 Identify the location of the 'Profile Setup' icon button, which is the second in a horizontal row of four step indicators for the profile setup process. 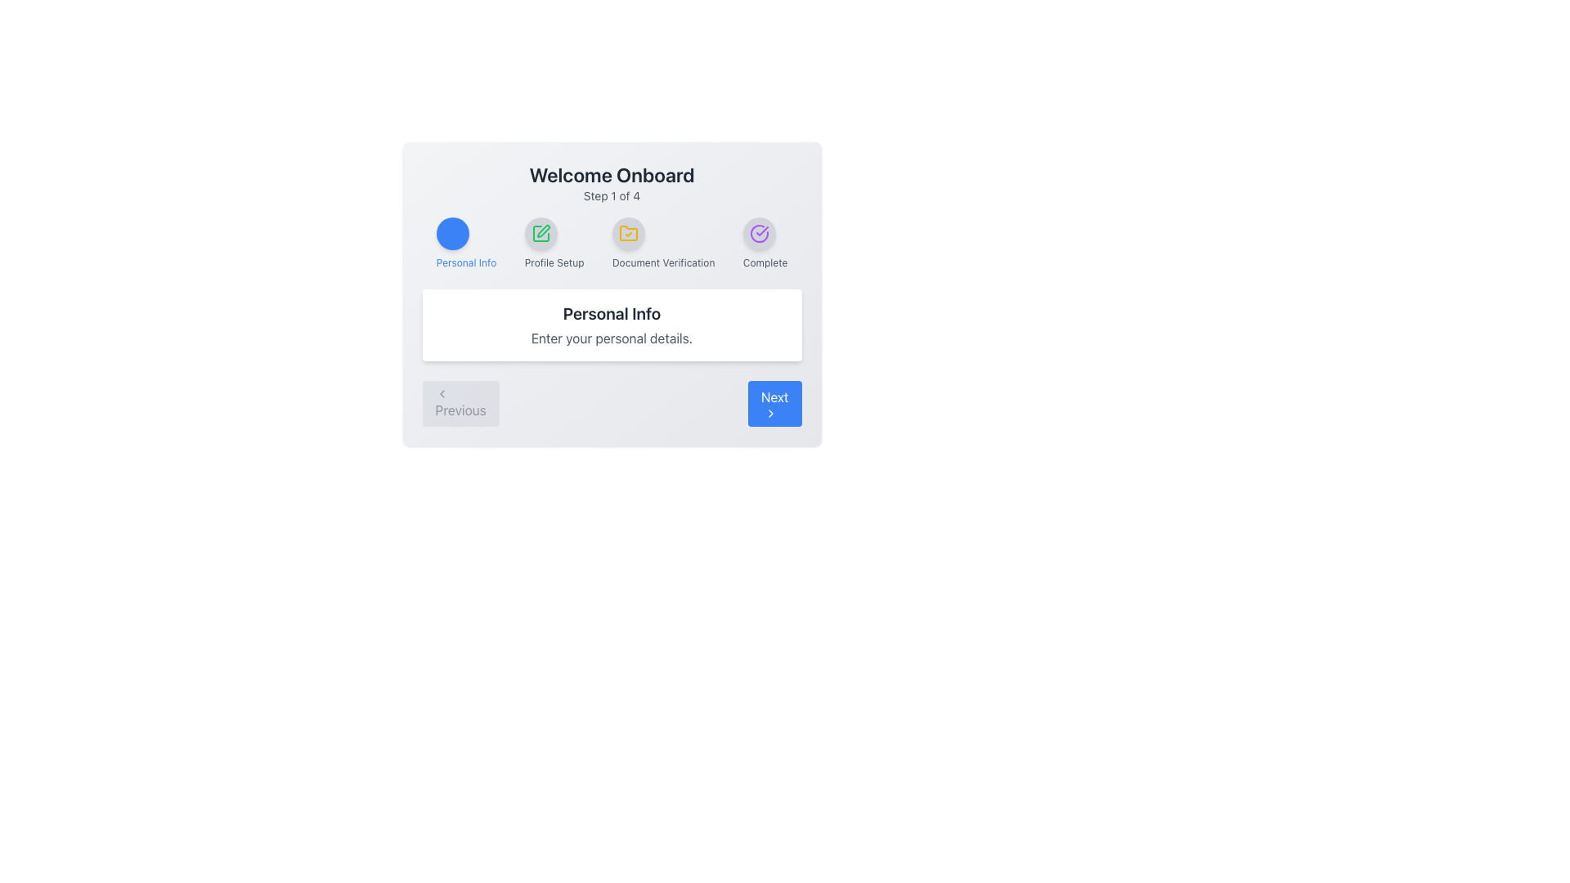
(541, 233).